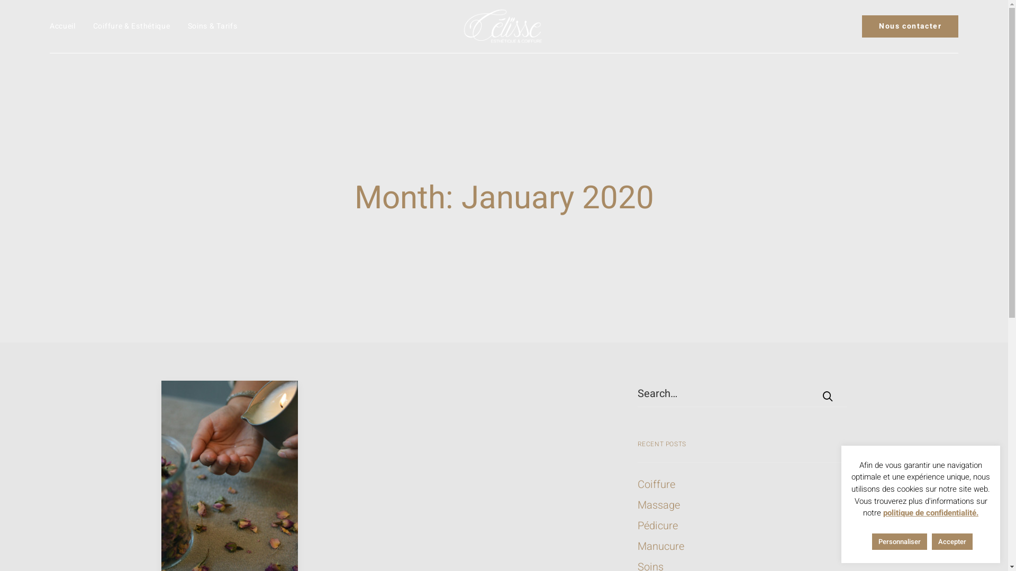 This screenshot has height=571, width=1016. I want to click on 'Accepter', so click(931, 541).